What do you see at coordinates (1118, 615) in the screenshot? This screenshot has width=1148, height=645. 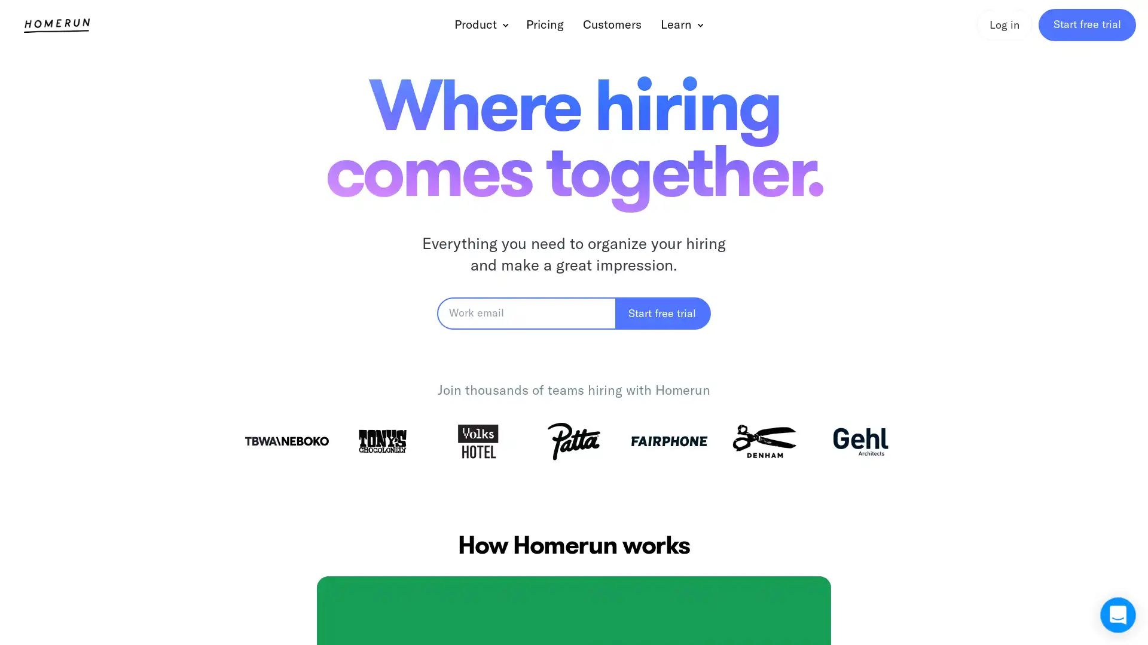 I see `Open Intercom Messenger` at bounding box center [1118, 615].